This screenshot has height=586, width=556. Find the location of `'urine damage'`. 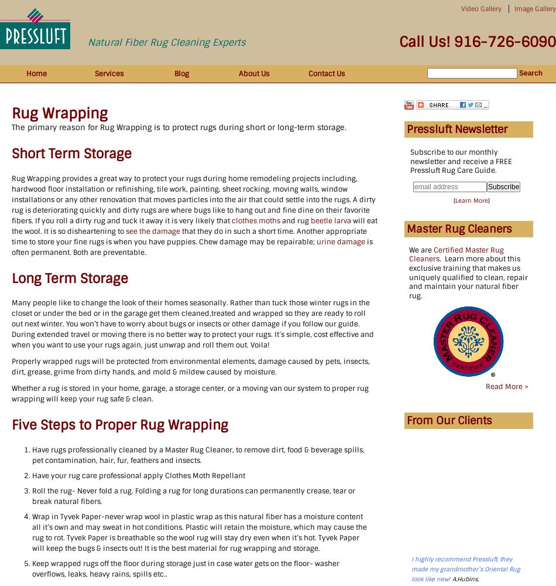

'urine damage' is located at coordinates (341, 241).